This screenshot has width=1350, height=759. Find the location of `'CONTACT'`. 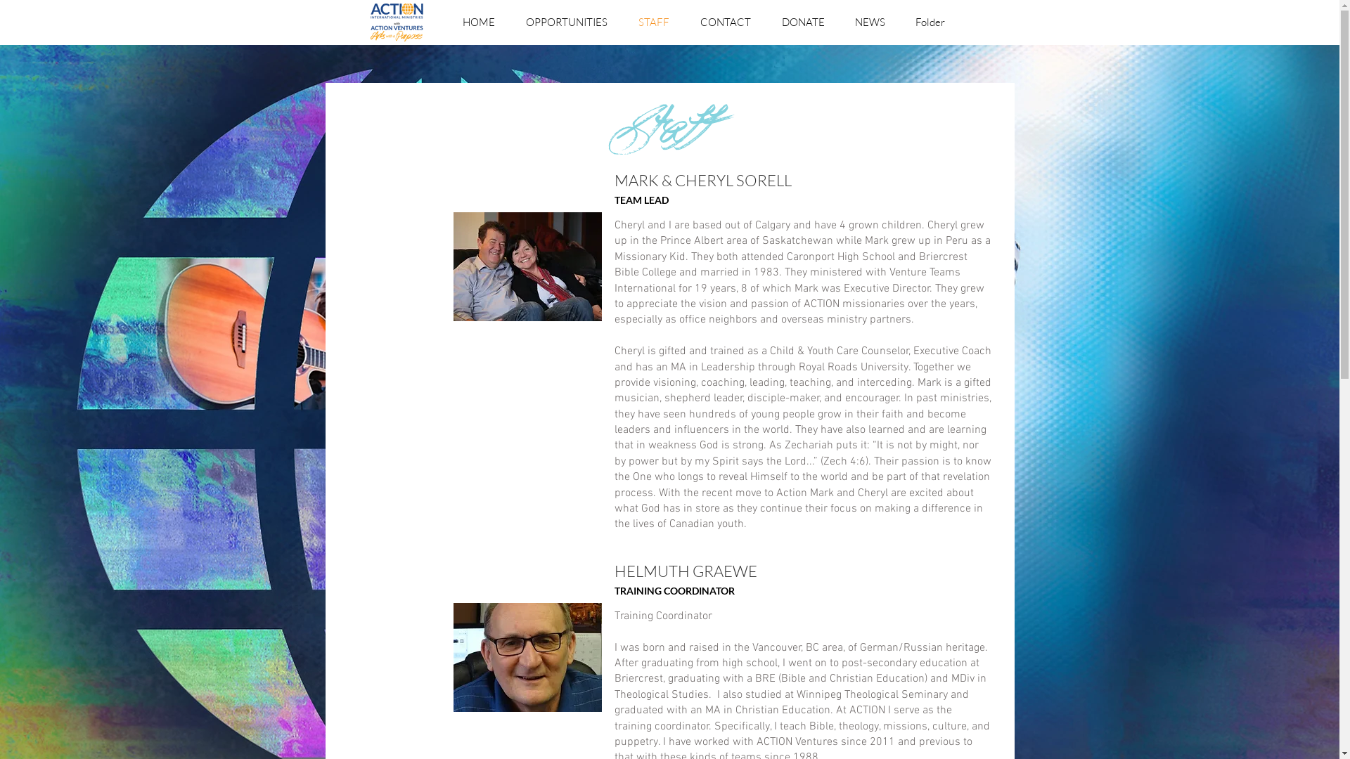

'CONTACT' is located at coordinates (726, 22).